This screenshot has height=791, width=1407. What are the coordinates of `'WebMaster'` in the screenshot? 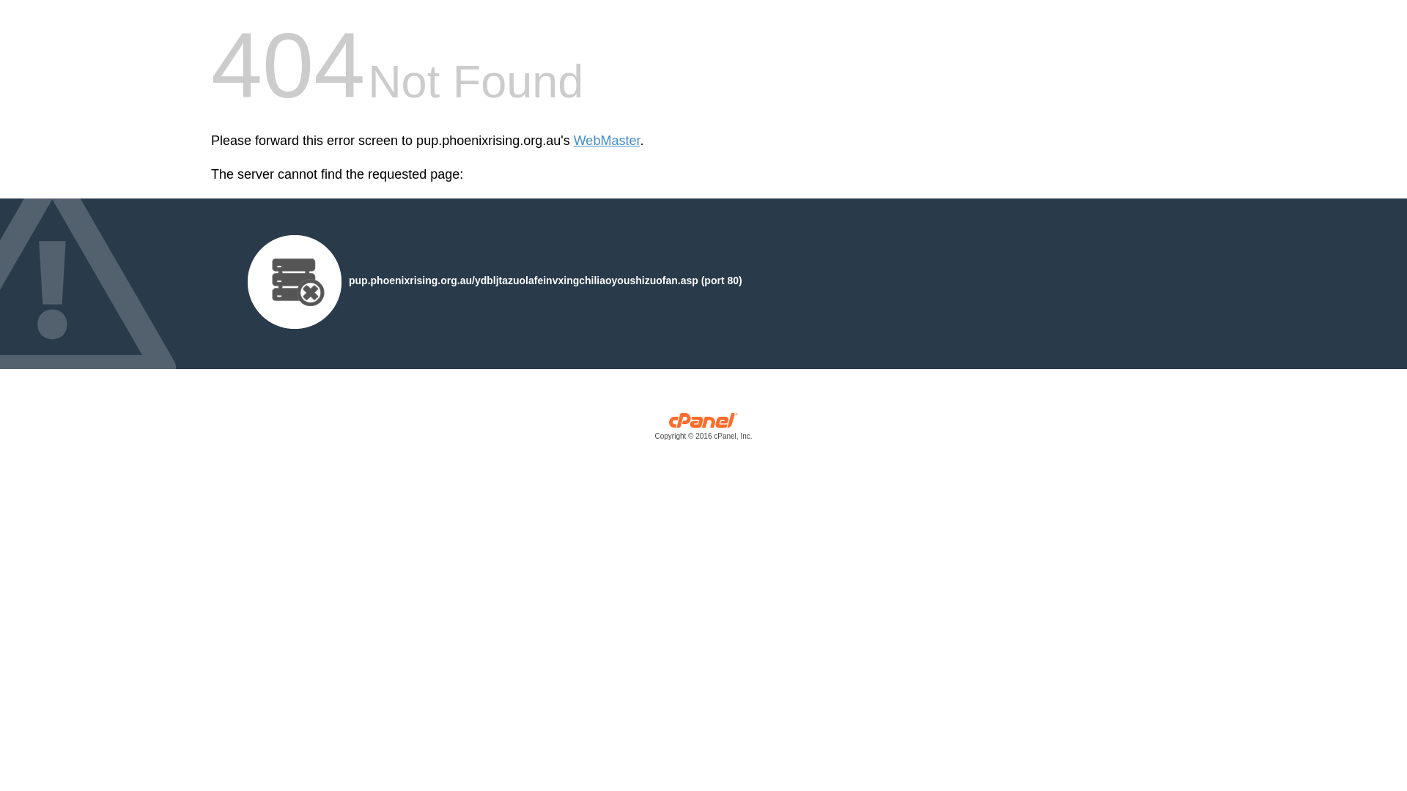 It's located at (607, 141).